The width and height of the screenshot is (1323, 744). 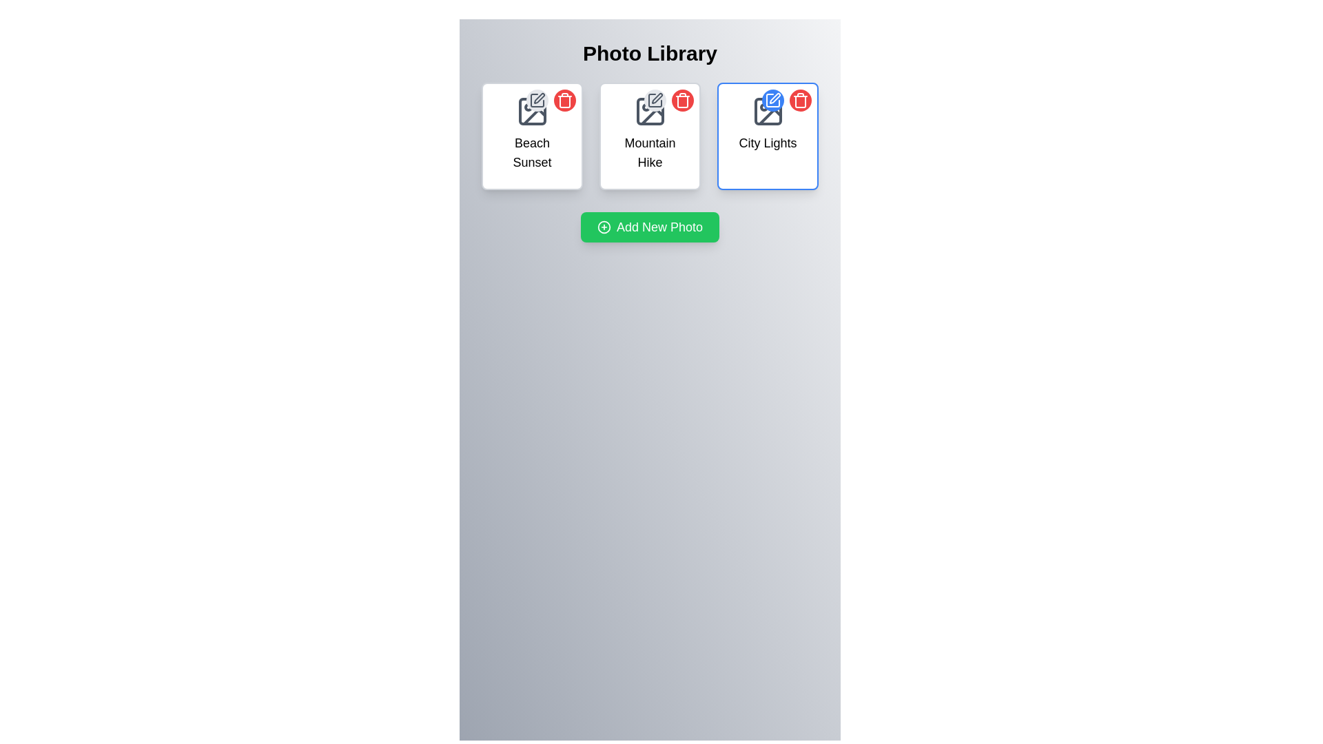 I want to click on the 'Beach Sunset' text element, which is styled for emphasis and located below an image icon in the top-left card of the interface, so click(x=531, y=153).